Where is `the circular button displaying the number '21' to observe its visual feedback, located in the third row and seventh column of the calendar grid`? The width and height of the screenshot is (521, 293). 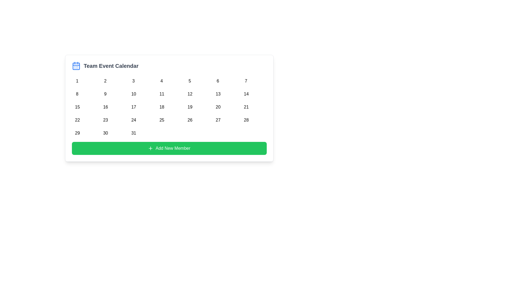 the circular button displaying the number '21' to observe its visual feedback, located in the third row and seventh column of the calendar grid is located at coordinates (246, 106).